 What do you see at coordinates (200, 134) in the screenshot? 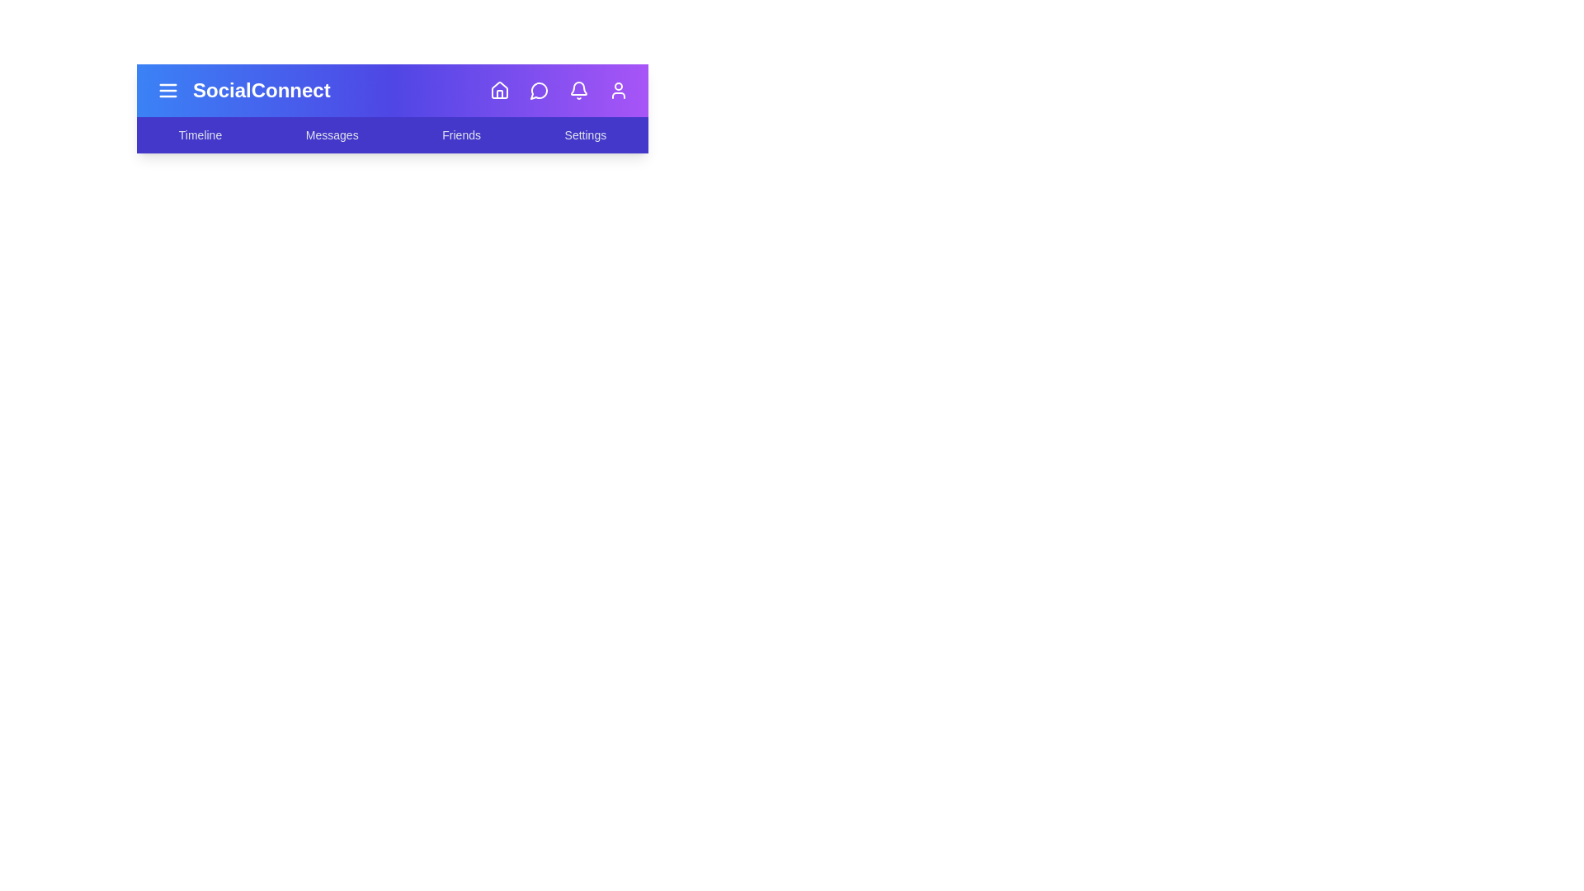
I see `the Timeline Menu to observe visual effects` at bounding box center [200, 134].